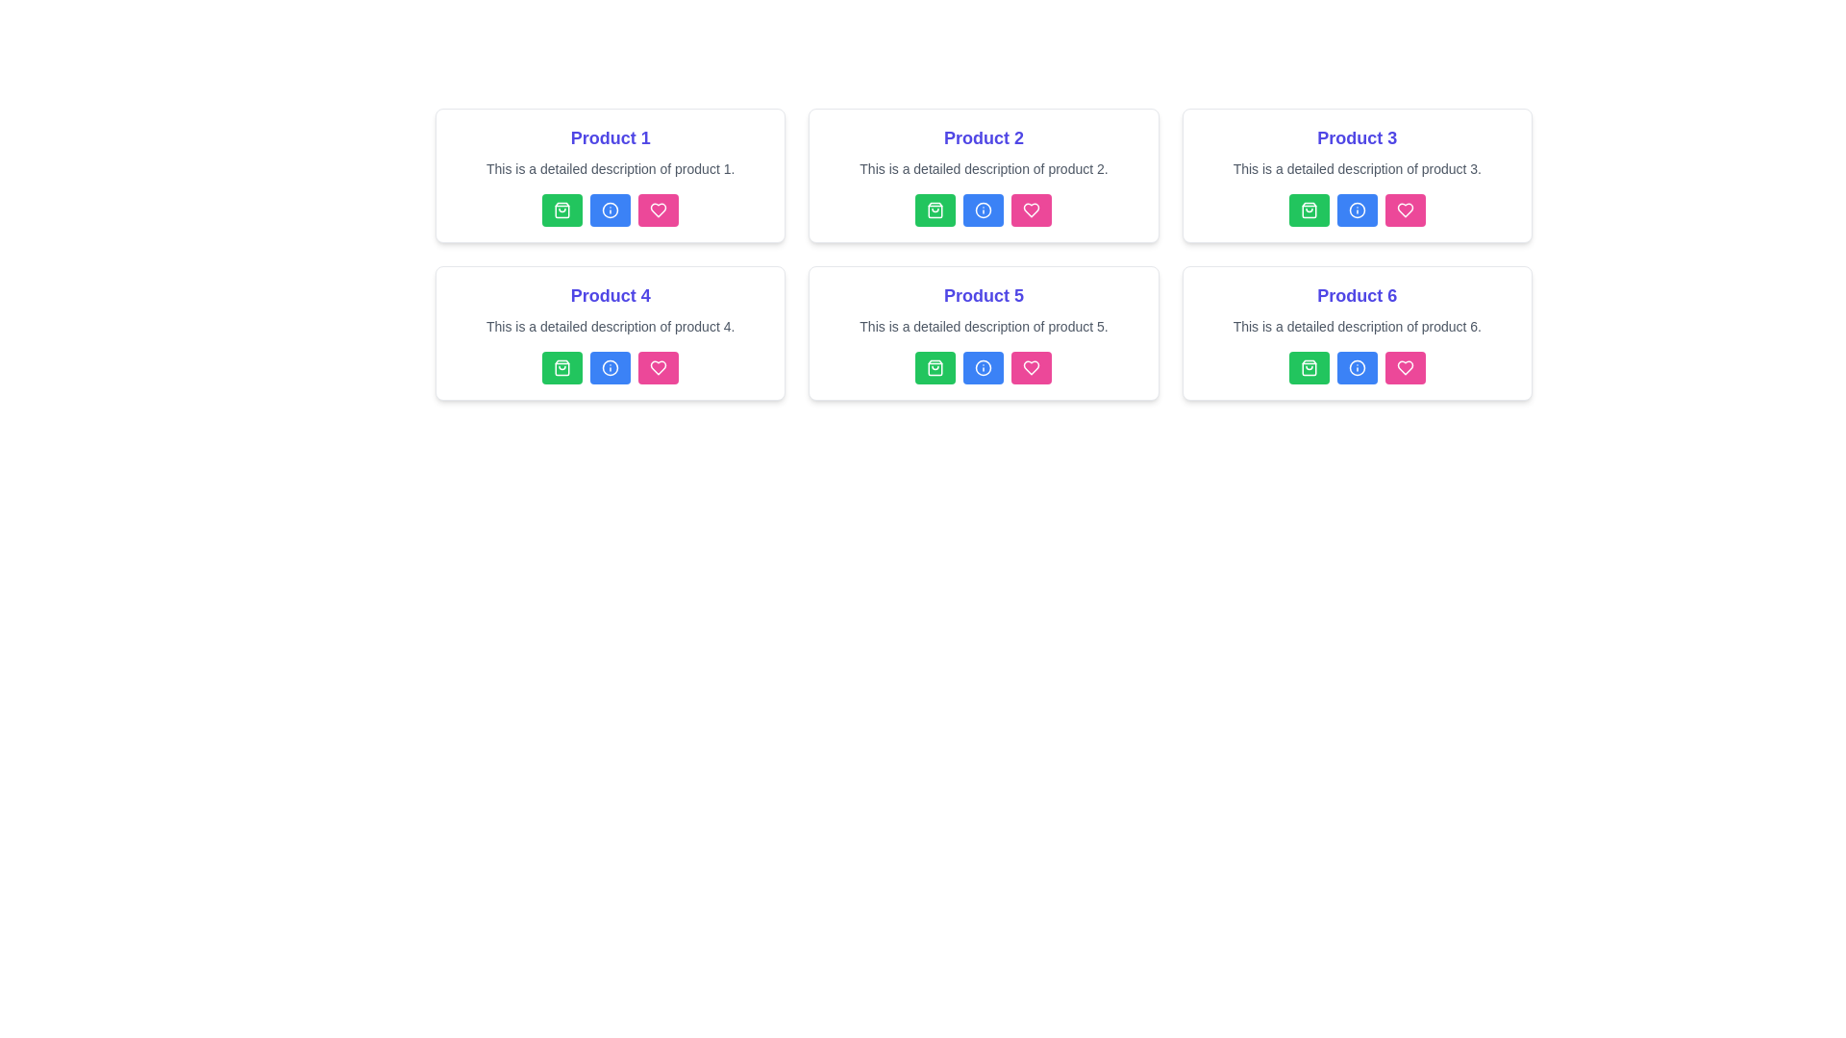  I want to click on the static text label providing details about 'Product 3', located centrally below the title 'Product 3' in the top-right panel, so click(1356, 168).